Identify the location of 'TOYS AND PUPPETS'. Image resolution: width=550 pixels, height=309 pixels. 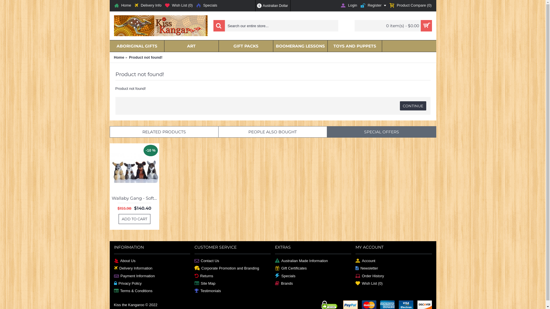
(354, 46).